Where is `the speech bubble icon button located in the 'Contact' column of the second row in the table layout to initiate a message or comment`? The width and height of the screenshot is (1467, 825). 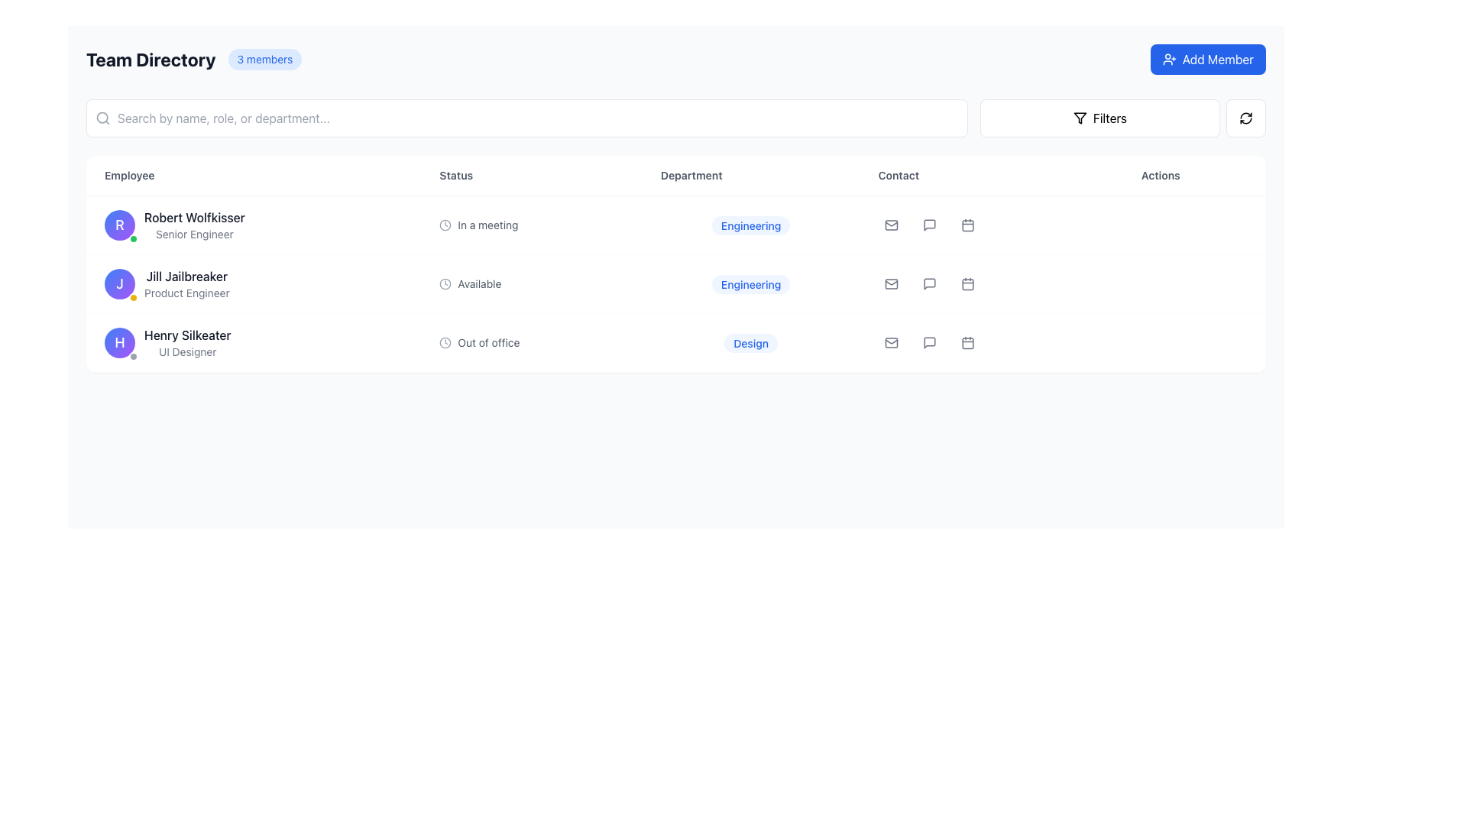
the speech bubble icon button located in the 'Contact' column of the second row in the table layout to initiate a message or comment is located at coordinates (928, 225).